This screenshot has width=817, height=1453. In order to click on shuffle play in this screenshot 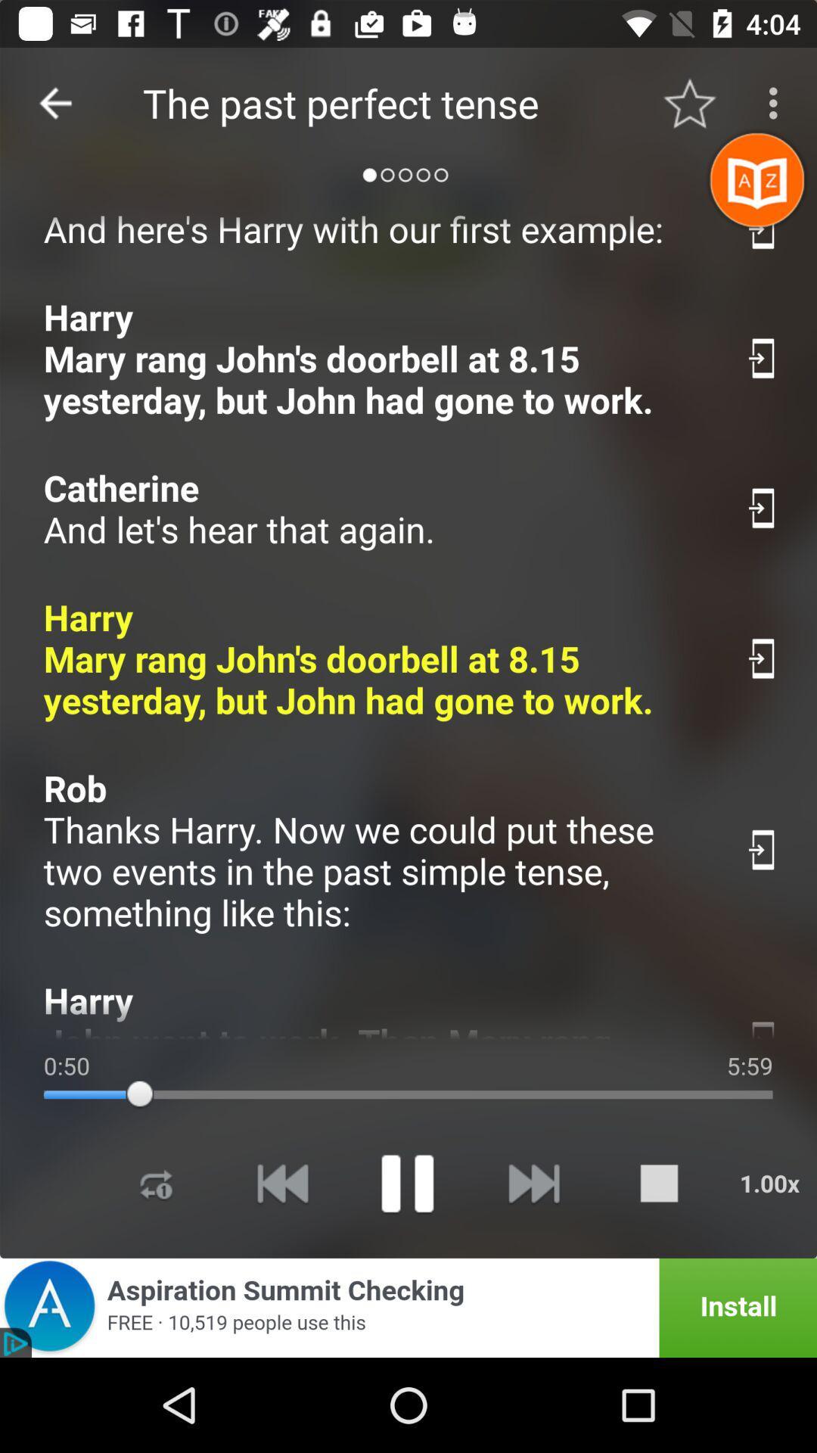, I will do `click(157, 1182)`.